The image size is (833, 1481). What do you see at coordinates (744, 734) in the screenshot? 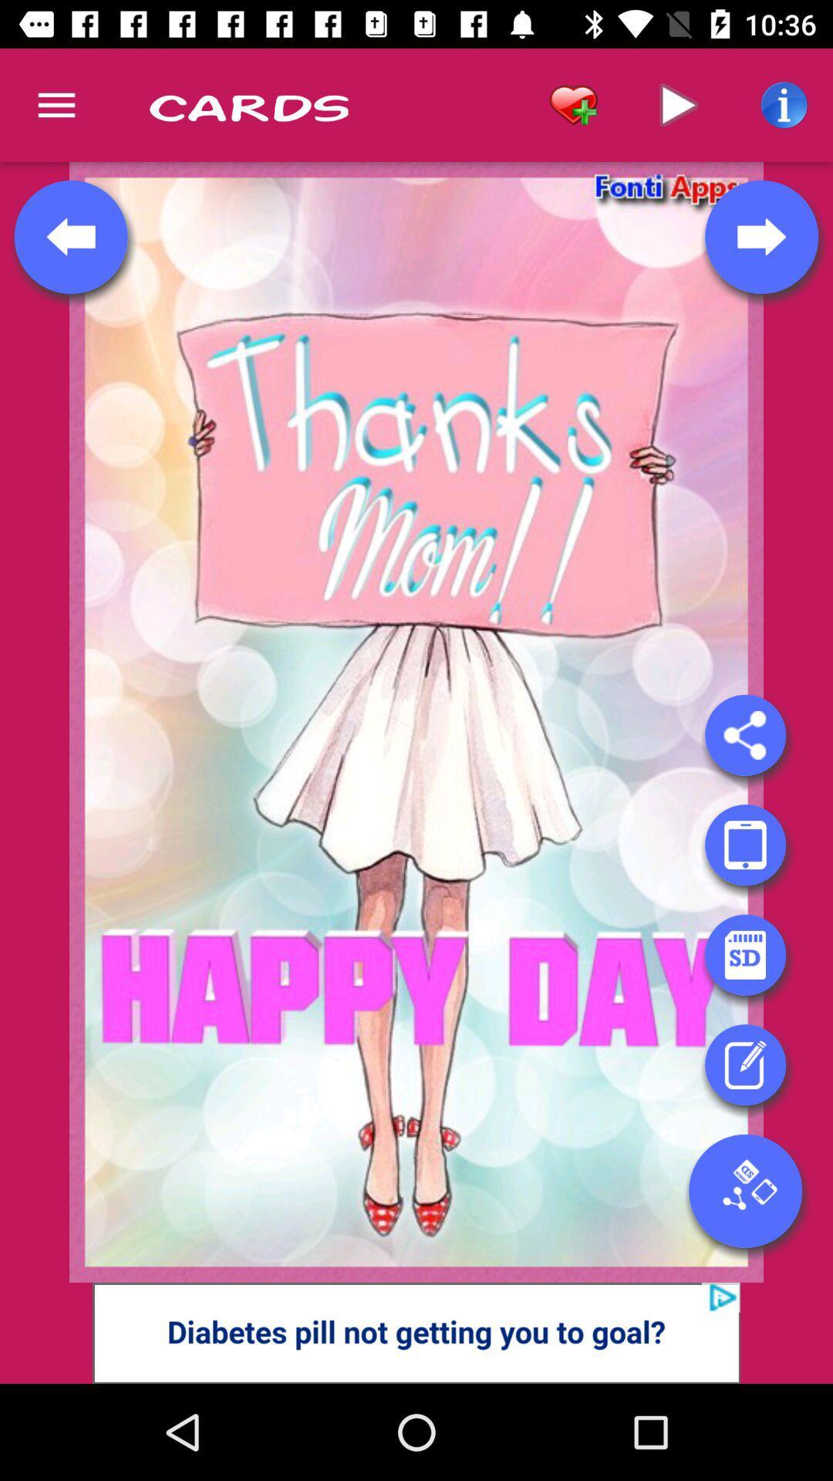
I see `share here` at bounding box center [744, 734].